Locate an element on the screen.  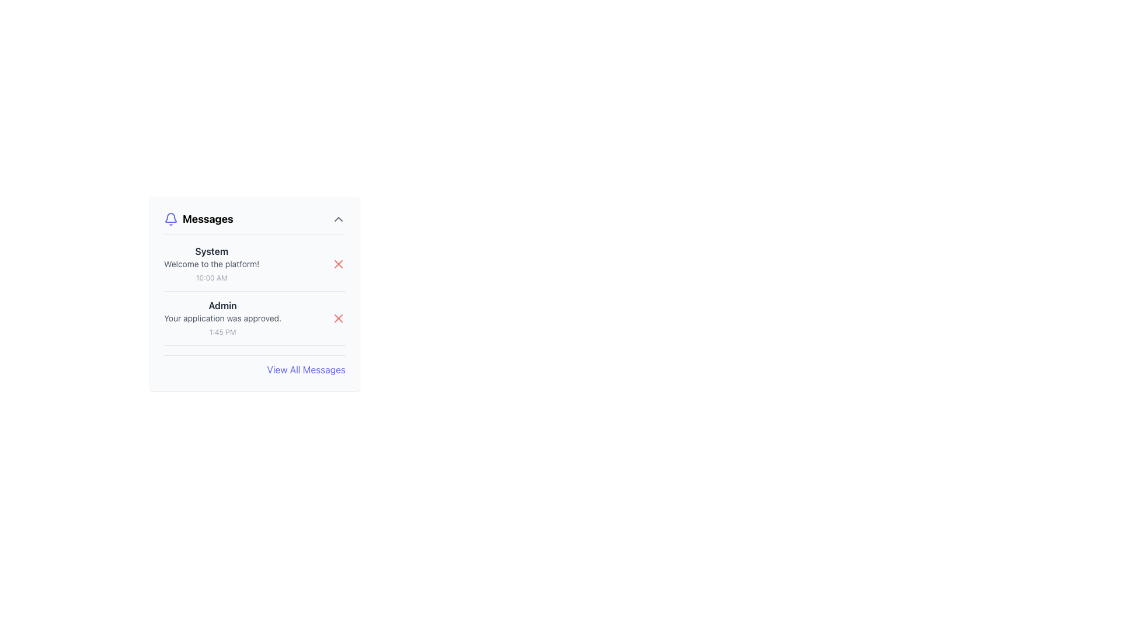
the Text Label that denotes the time associated with a system-generated message, located below 'Welcome to the platform!' and aligned to the right is located at coordinates (211, 278).